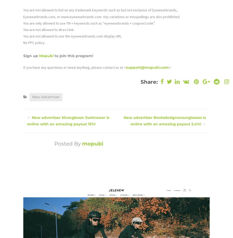 Image resolution: width=233 pixels, height=238 pixels. What do you see at coordinates (23, 55) in the screenshot?
I see `'Sign up'` at bounding box center [23, 55].